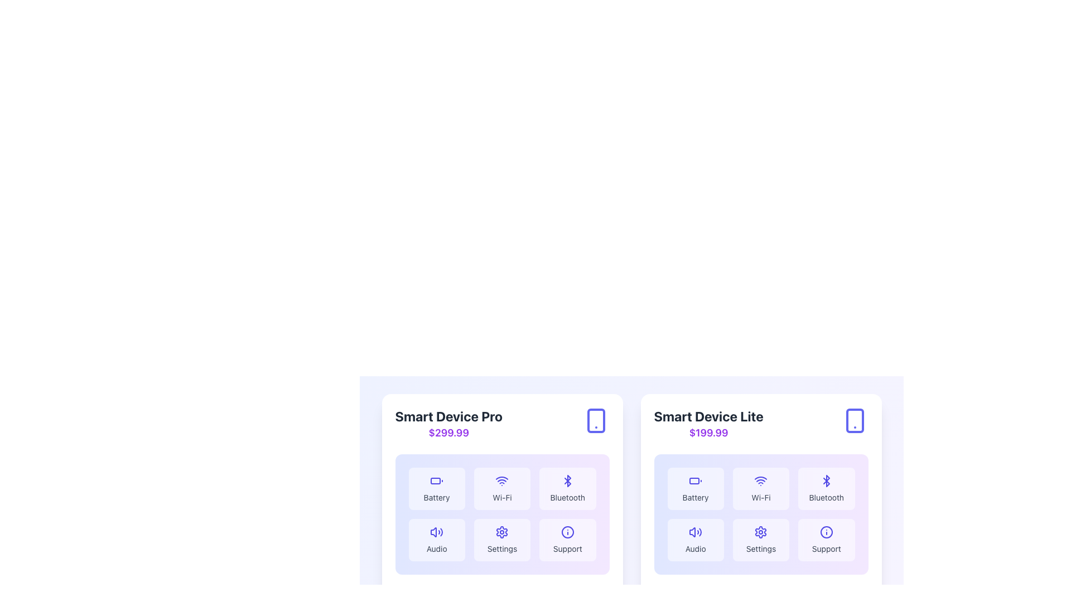 The image size is (1071, 602). What do you see at coordinates (436, 497) in the screenshot?
I see `the static text label displaying 'Battery' within the 'Smart Device Pro' section, which is styled with a small font and gray shade, located under a battery icon` at bounding box center [436, 497].